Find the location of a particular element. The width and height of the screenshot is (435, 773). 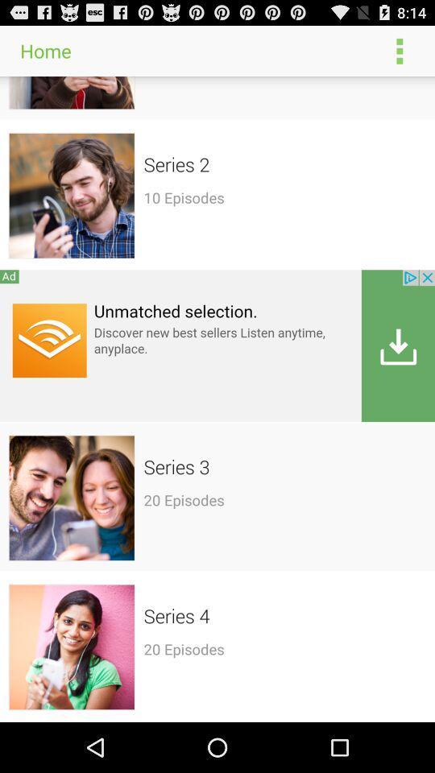

open audible advertisement is located at coordinates (217, 345).